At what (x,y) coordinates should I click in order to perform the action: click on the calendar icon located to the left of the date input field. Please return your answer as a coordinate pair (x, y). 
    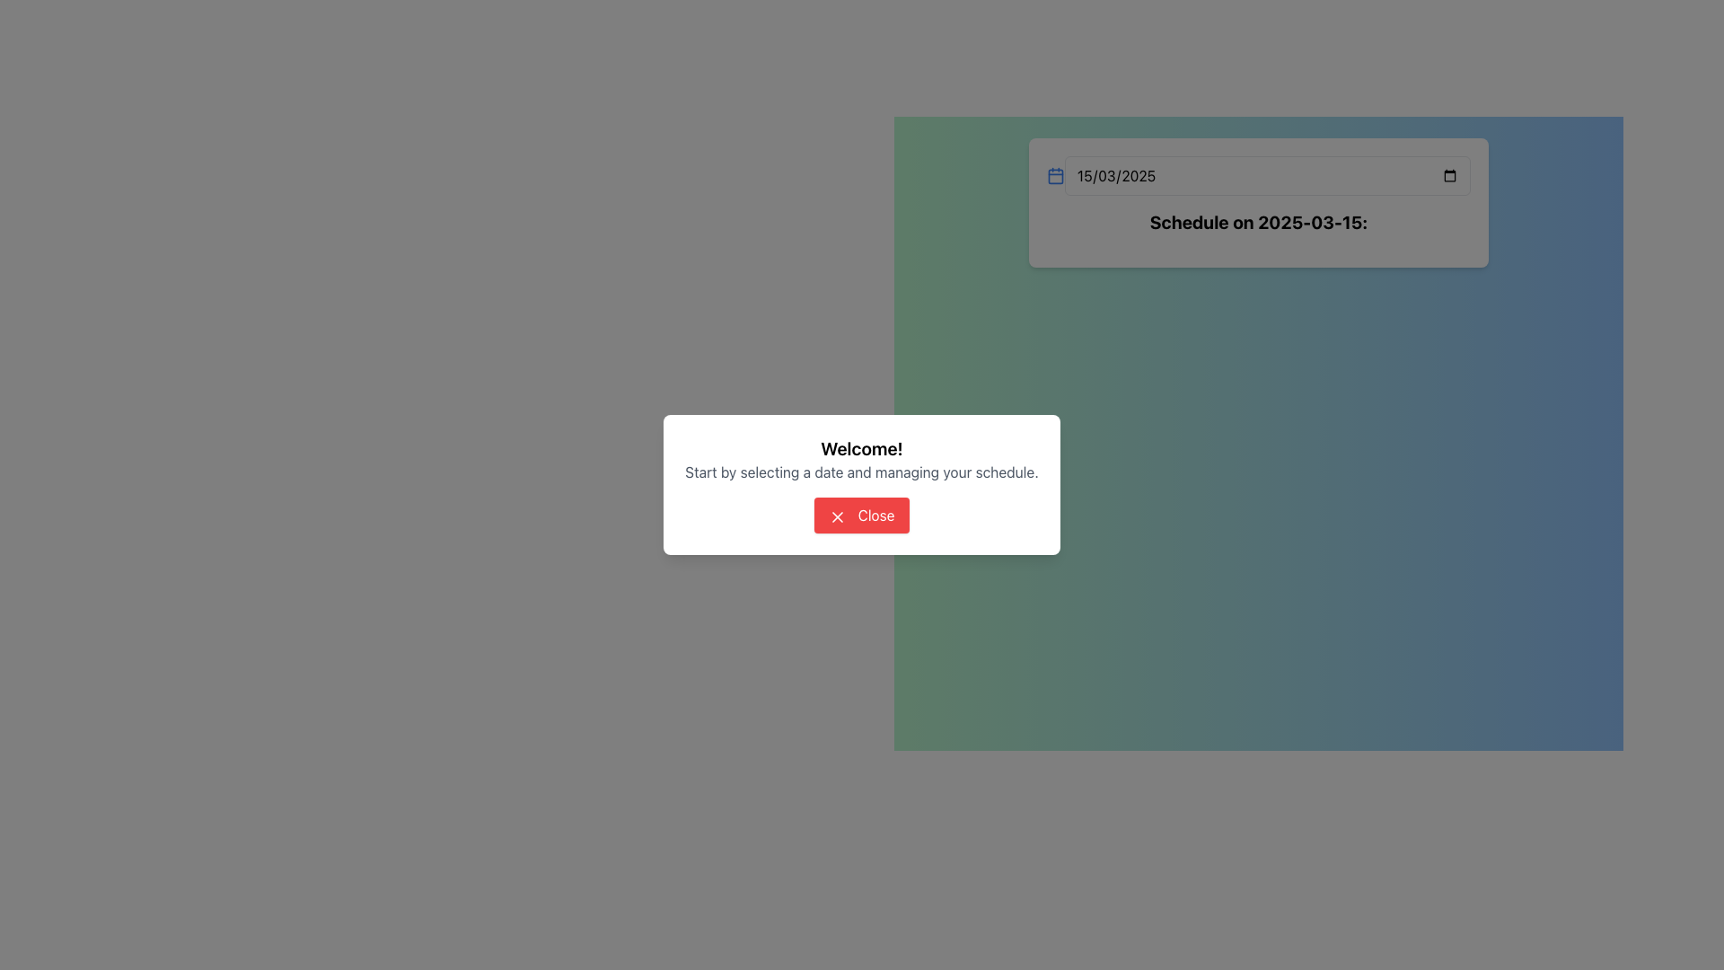
    Looking at the image, I should click on (1056, 176).